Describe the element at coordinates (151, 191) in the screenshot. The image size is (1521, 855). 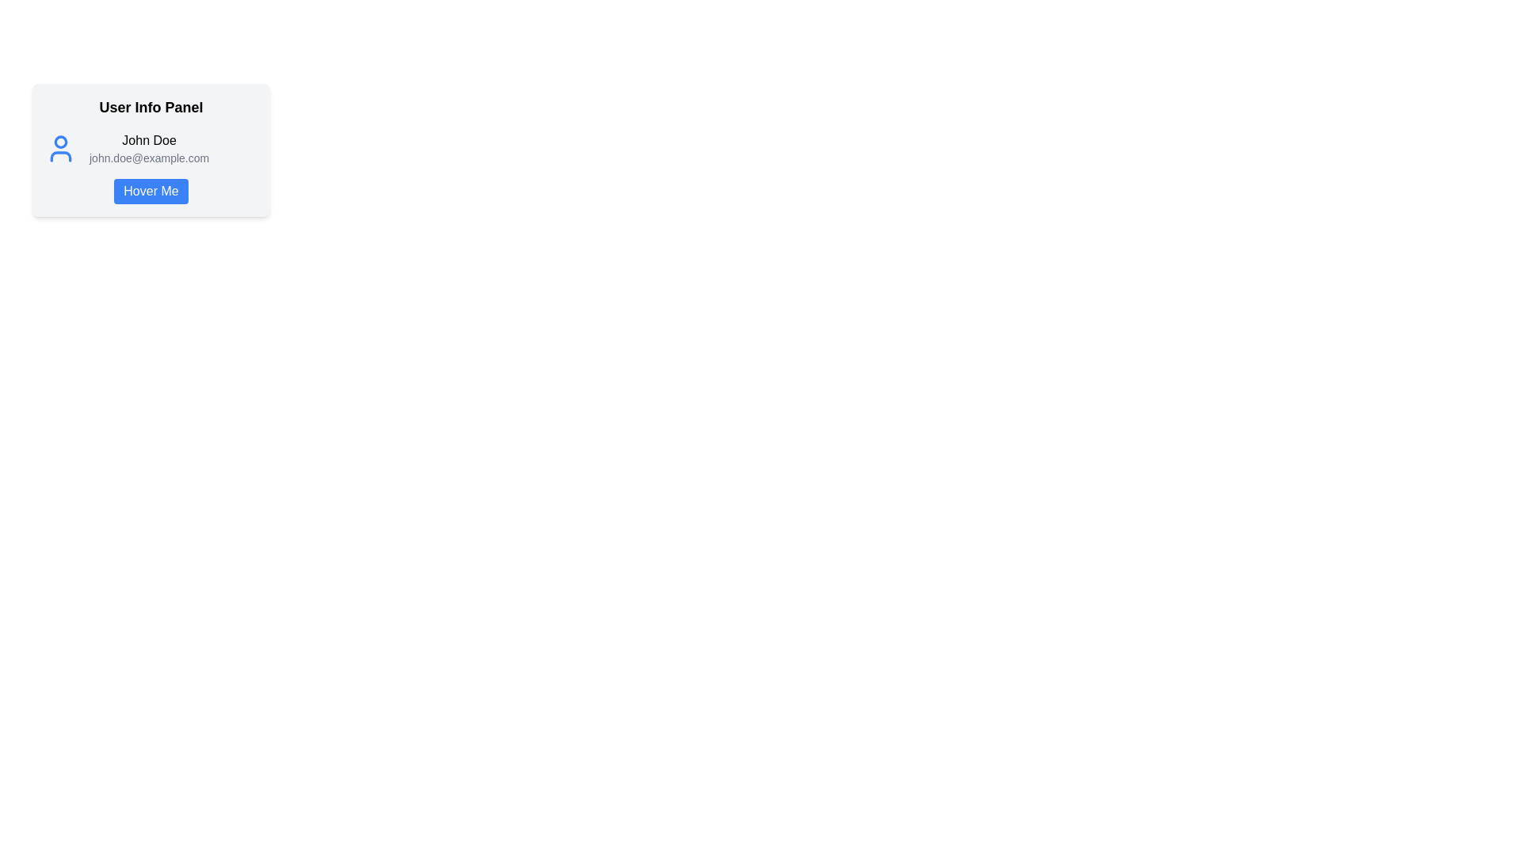
I see `the button located in the 'User Info Panel' beneath the text 'John Doe' and 'john.doe@example.com'` at that location.